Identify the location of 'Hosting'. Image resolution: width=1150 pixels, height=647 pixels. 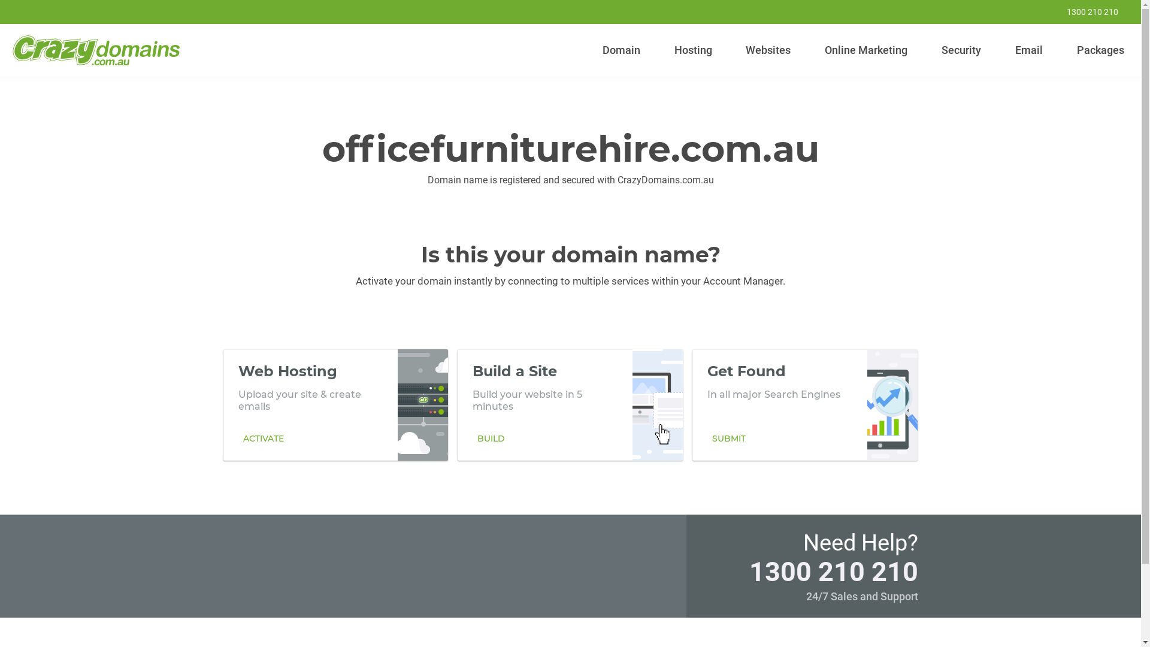
(692, 50).